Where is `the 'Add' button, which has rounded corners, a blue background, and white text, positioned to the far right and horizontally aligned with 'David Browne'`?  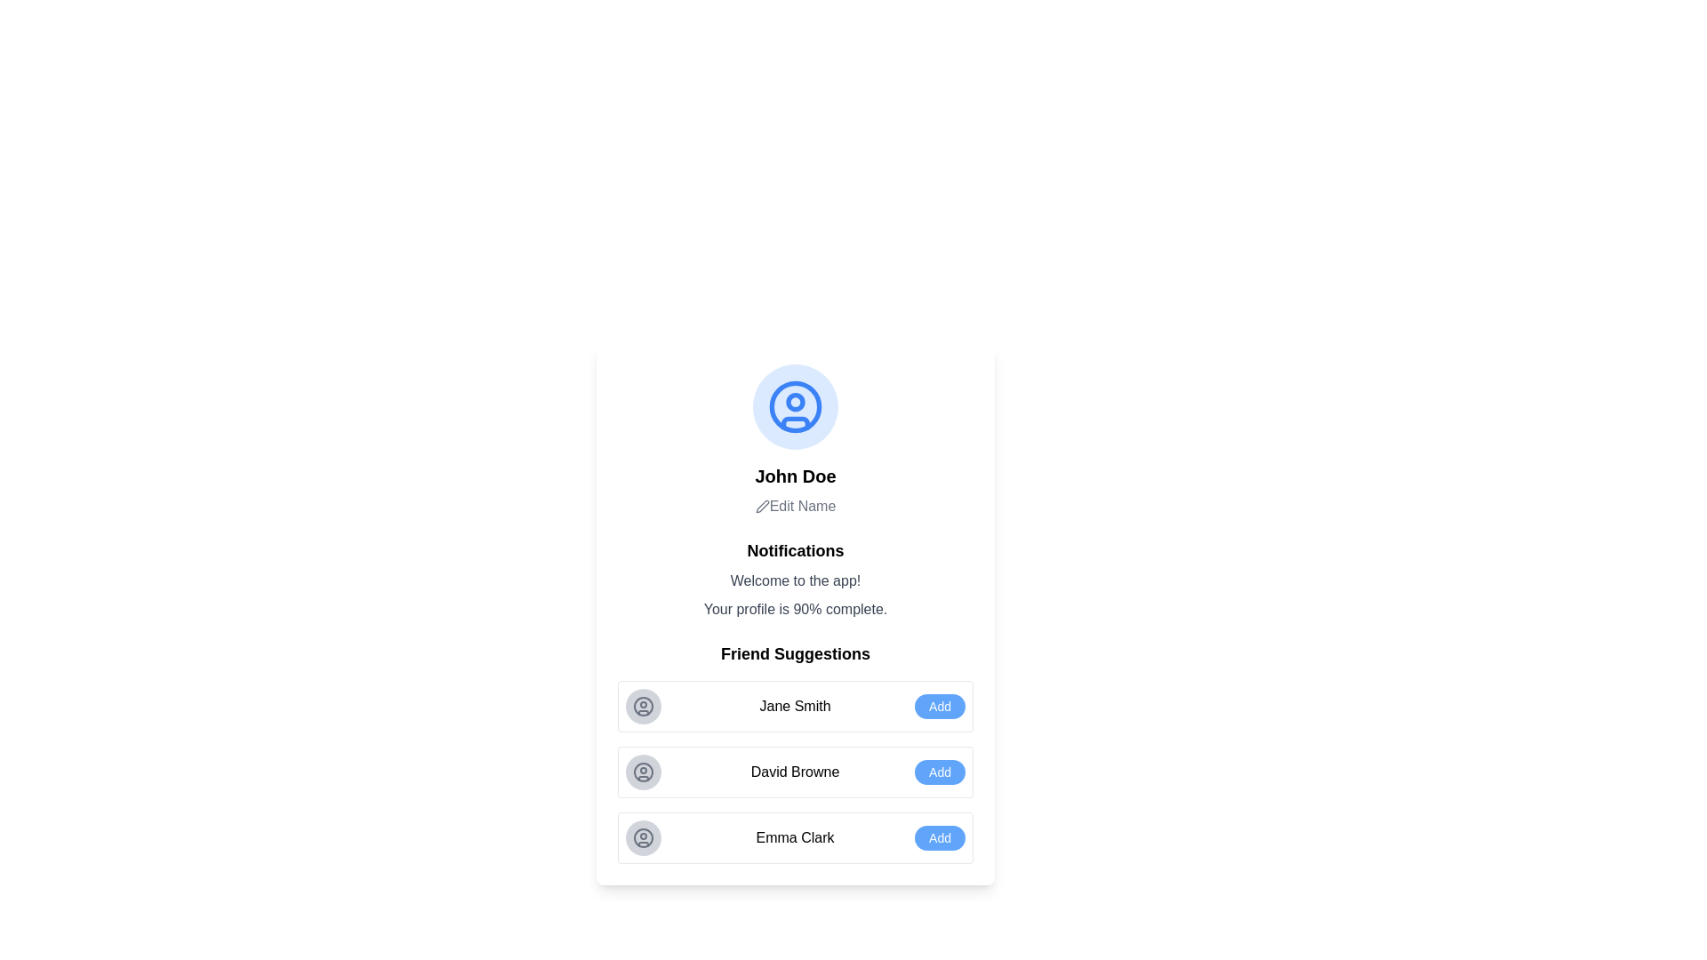
the 'Add' button, which has rounded corners, a blue background, and white text, positioned to the far right and horizontally aligned with 'David Browne' is located at coordinates (939, 771).